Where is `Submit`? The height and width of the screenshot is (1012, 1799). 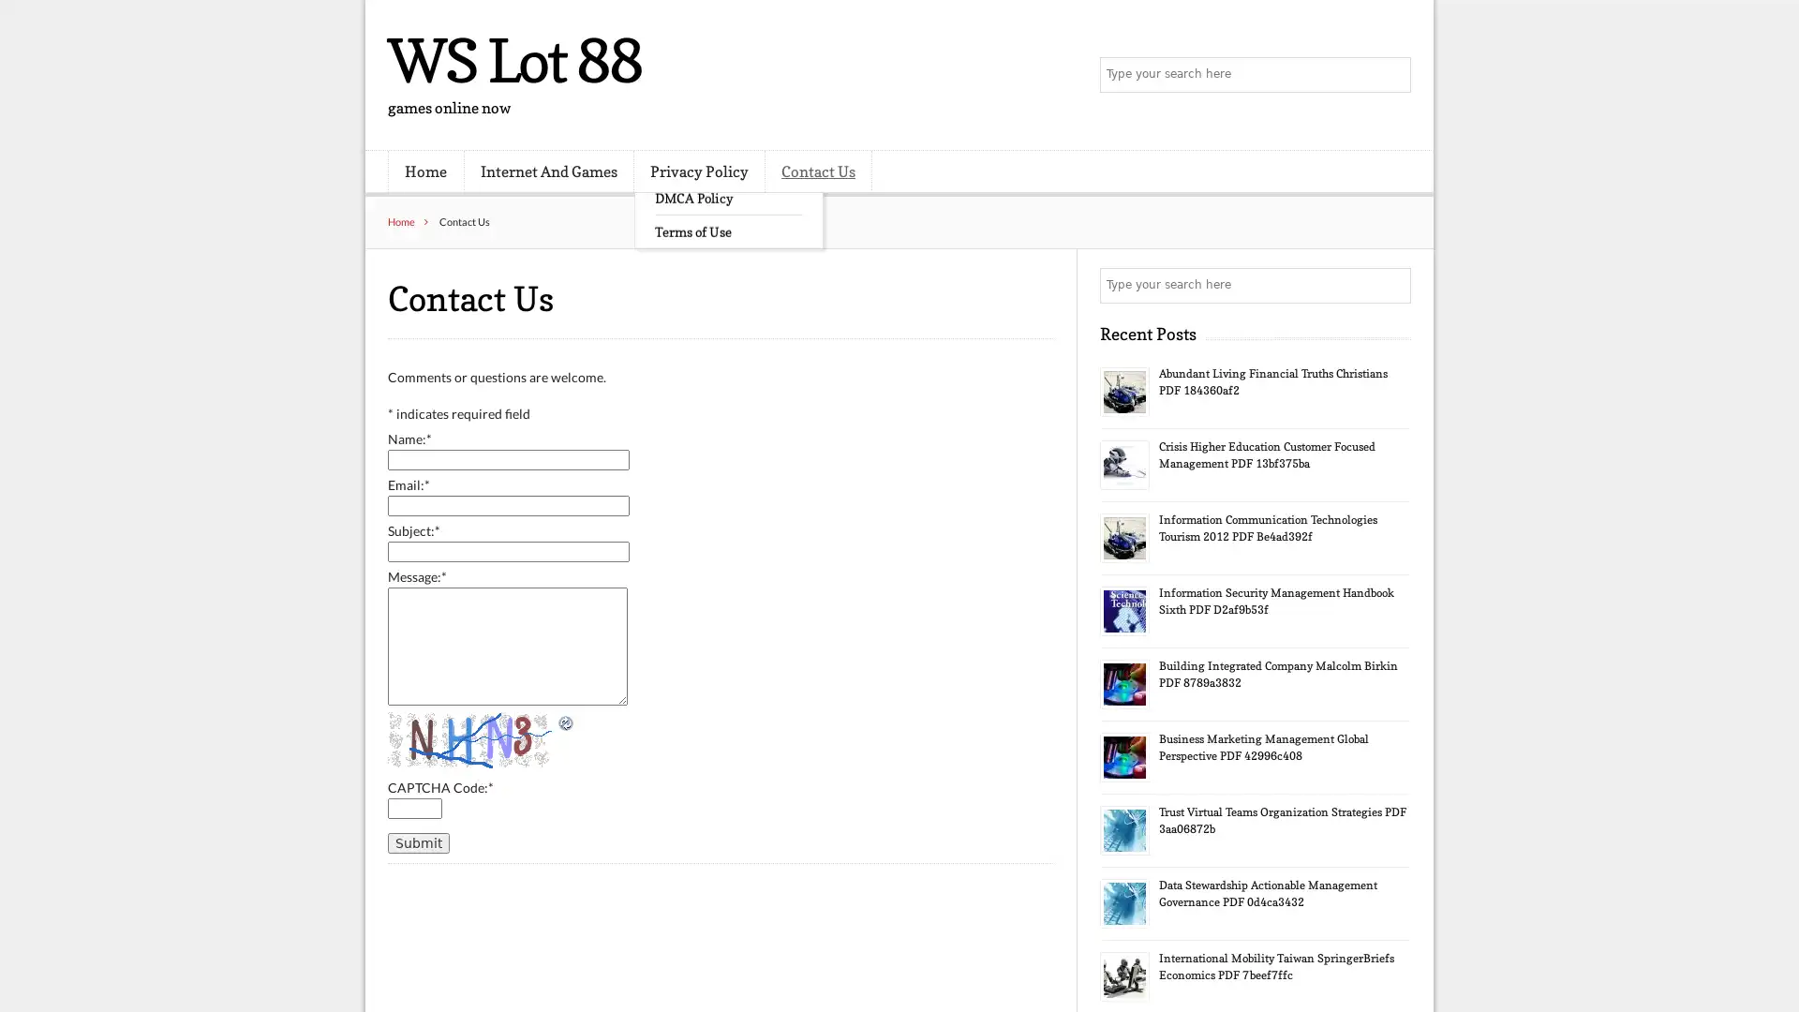 Submit is located at coordinates (417, 841).